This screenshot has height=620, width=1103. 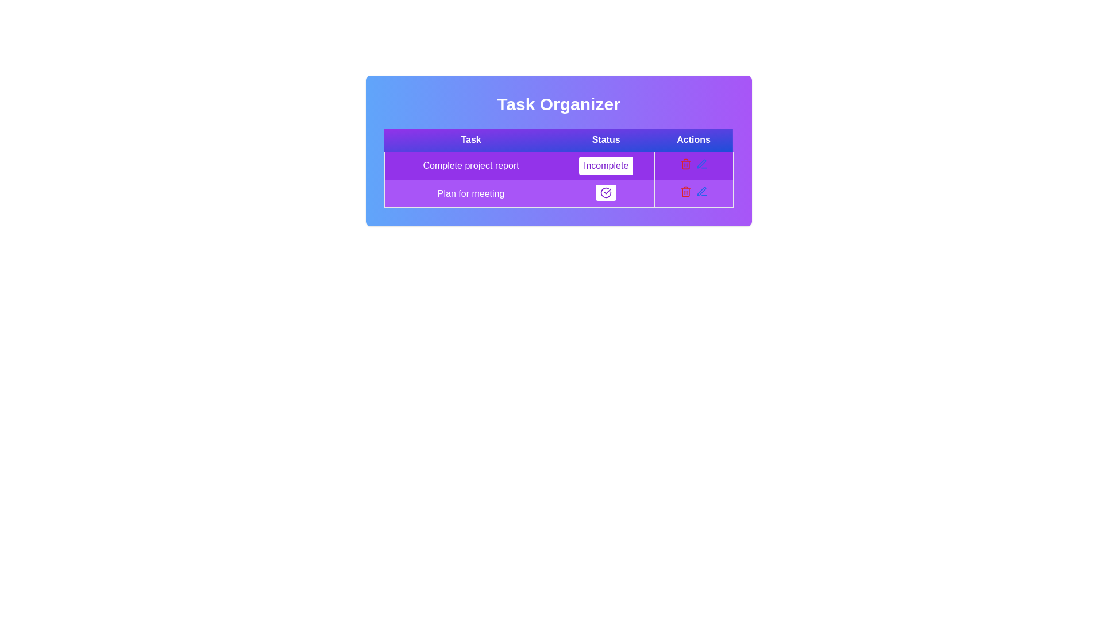 What do you see at coordinates (685, 164) in the screenshot?
I see `the red trash bin icon located in the 'Actions' column of the table for the task 'Complete project report'` at bounding box center [685, 164].